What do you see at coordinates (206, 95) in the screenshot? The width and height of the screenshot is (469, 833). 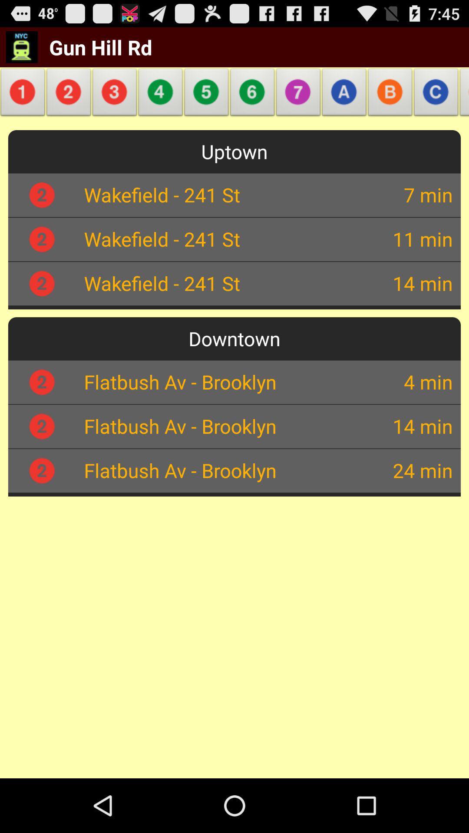 I see `icon to the right of the gun hill rd app` at bounding box center [206, 95].